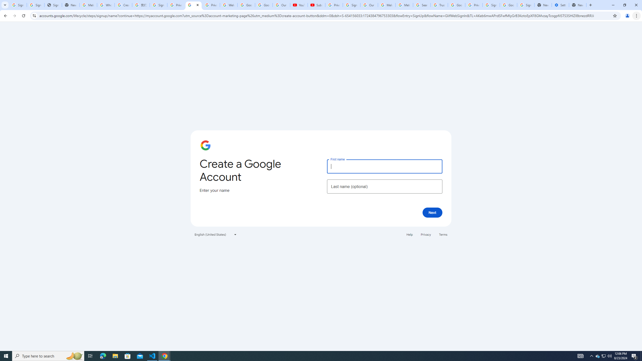 The height and width of the screenshot is (361, 642). I want to click on 'Terms', so click(443, 234).